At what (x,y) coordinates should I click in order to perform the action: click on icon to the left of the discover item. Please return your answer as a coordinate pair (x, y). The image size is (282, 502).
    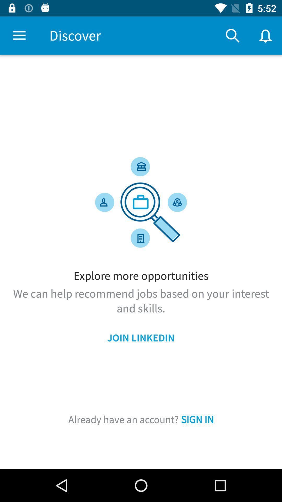
    Looking at the image, I should click on (19, 35).